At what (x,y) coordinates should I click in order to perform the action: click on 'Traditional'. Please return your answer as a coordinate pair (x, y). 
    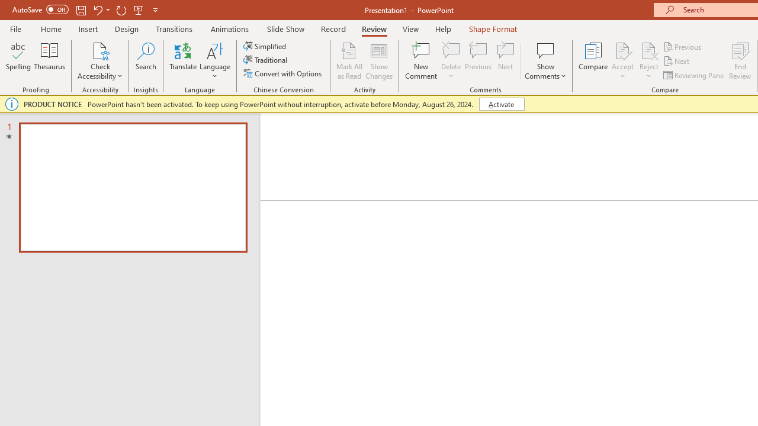
    Looking at the image, I should click on (265, 60).